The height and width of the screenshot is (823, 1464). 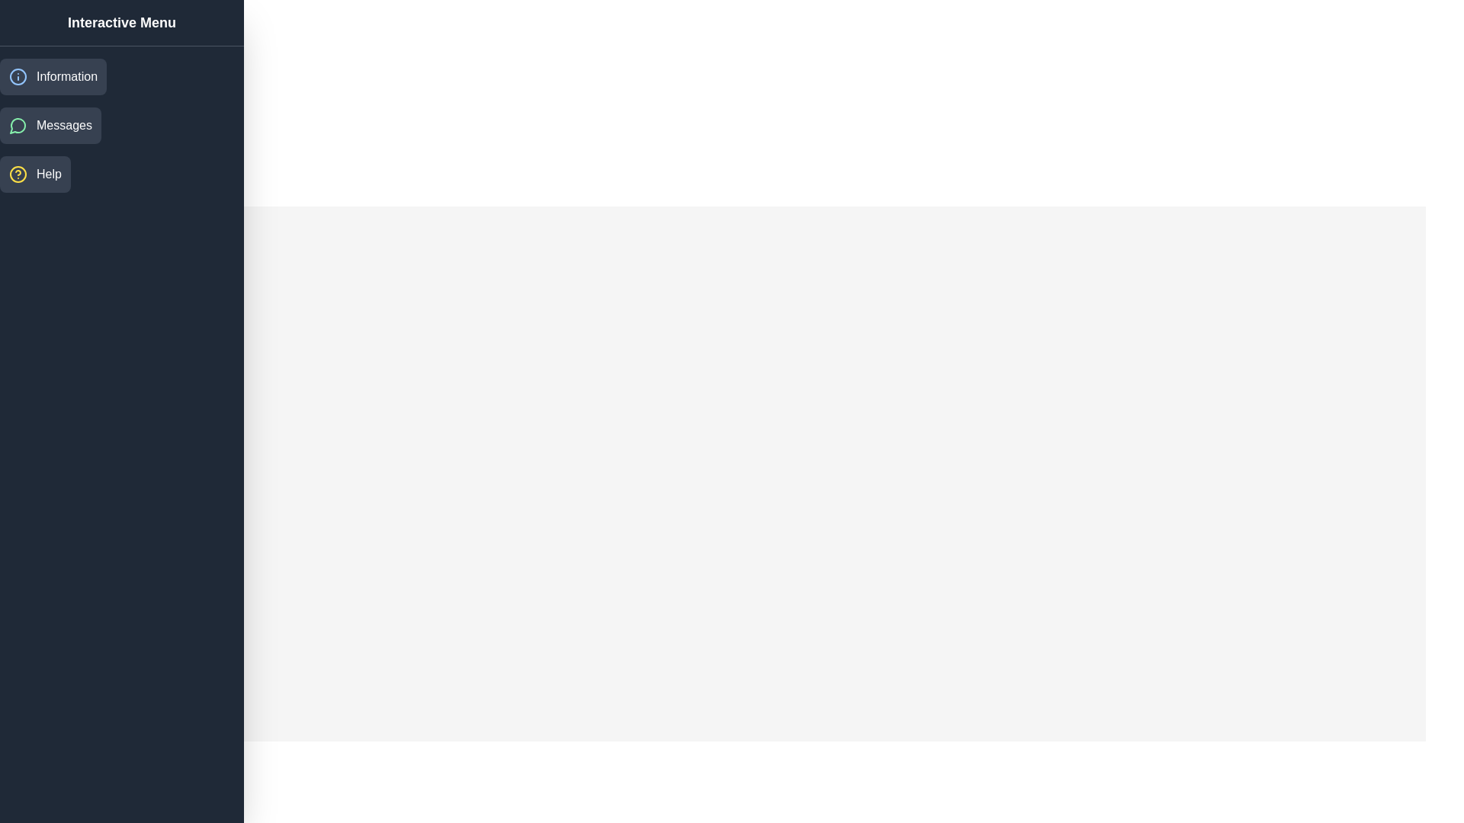 What do you see at coordinates (49, 173) in the screenshot?
I see `the 'Help' text label in the sidebar menu` at bounding box center [49, 173].